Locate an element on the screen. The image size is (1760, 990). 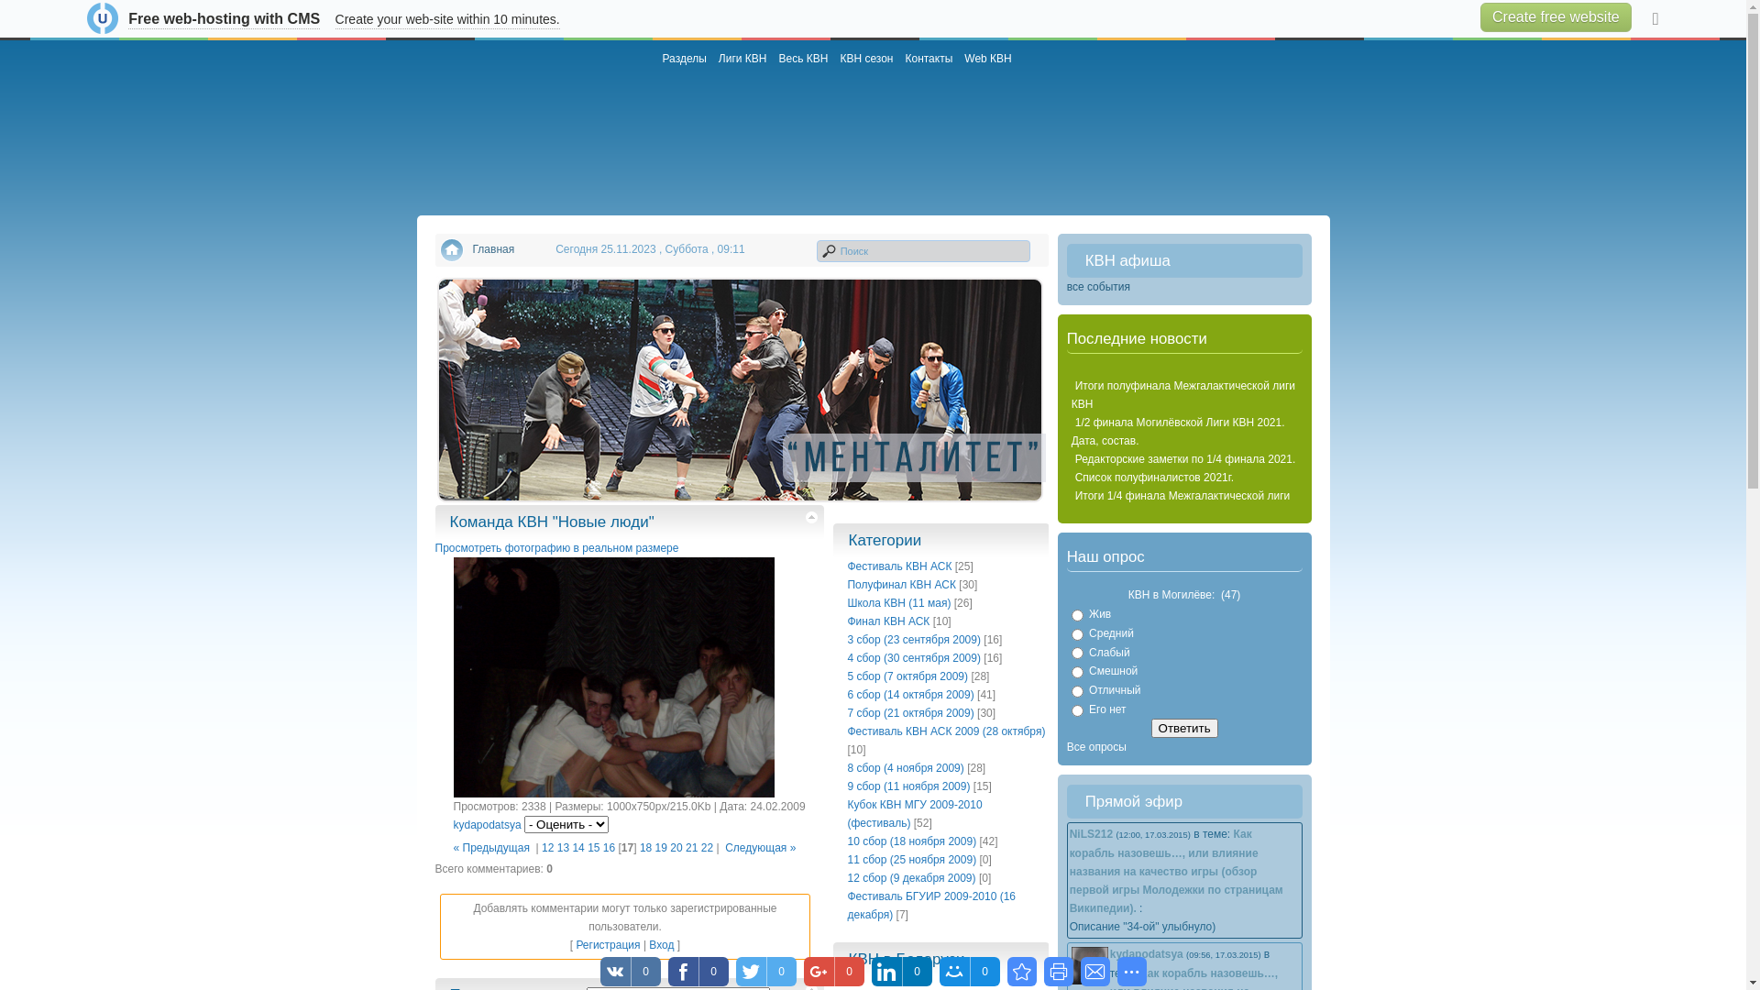
'19' is located at coordinates (660, 848).